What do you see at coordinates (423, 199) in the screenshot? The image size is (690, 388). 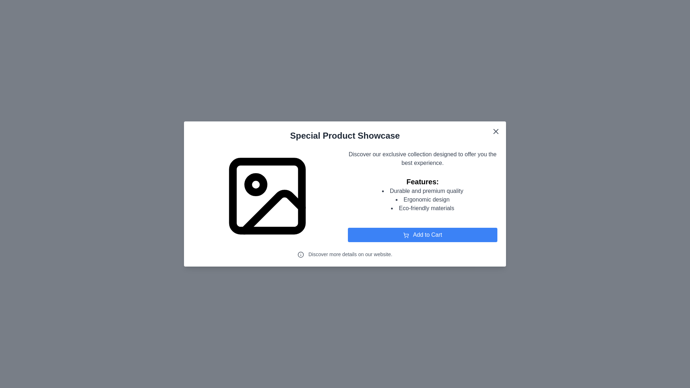 I see `the second item in the bullet-point list of product features that describes the ergonomic design of the product, located between 'Durable and premium quality' and 'Eco-friendly materials.'` at bounding box center [423, 199].